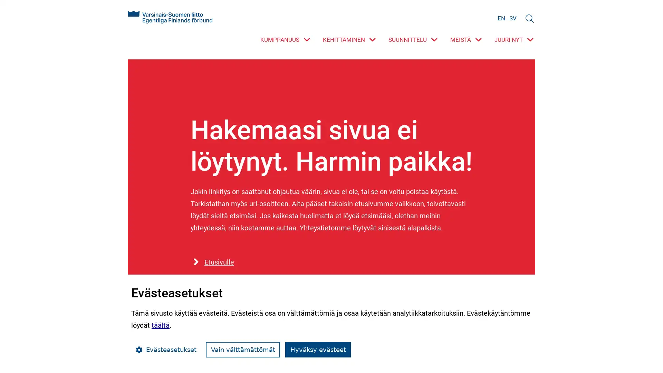 The width and height of the screenshot is (663, 373). I want to click on Vain valttamattomat, so click(243, 350).